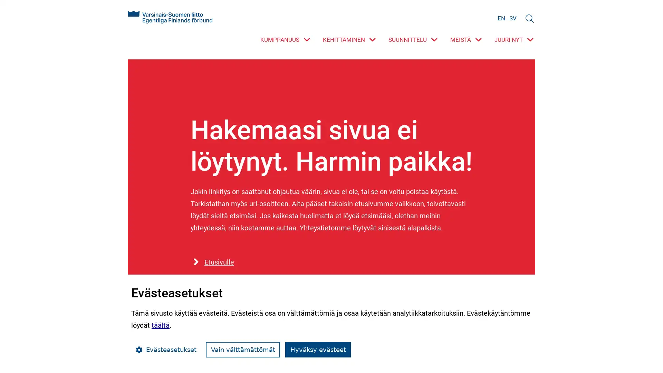 The width and height of the screenshot is (663, 373). I want to click on Vain valttamattomat, so click(243, 350).